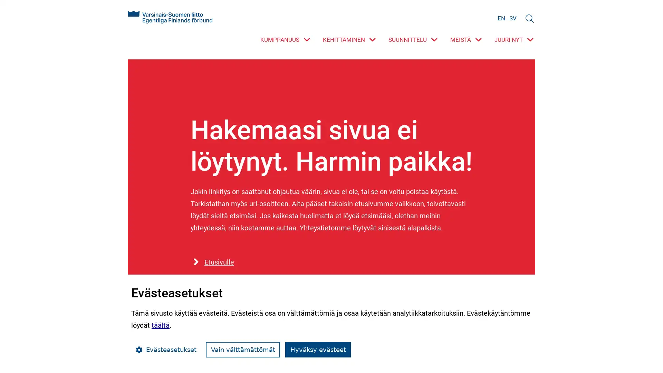 The width and height of the screenshot is (663, 373). I want to click on Vain valttamattomat, so click(243, 350).